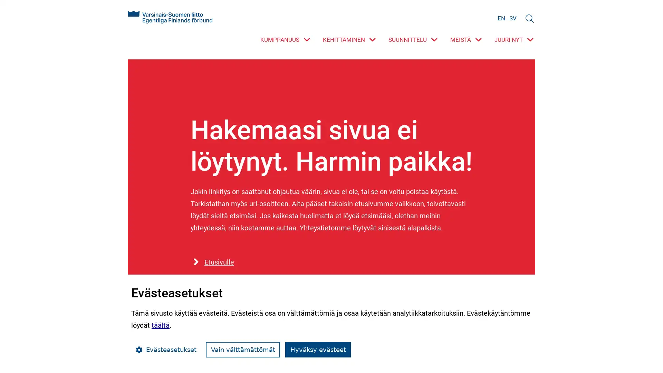 The width and height of the screenshot is (663, 373). I want to click on Vain valttamattomat, so click(243, 350).